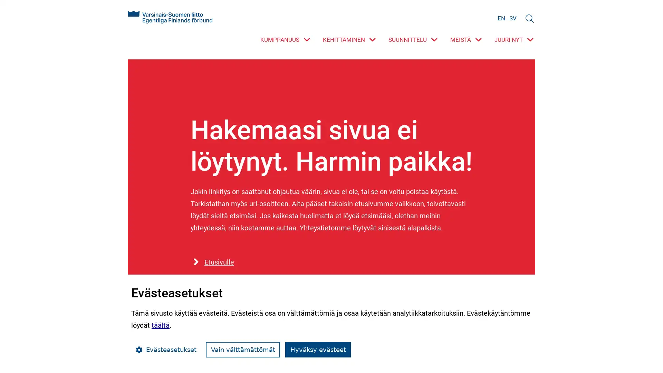 The width and height of the screenshot is (663, 373). I want to click on Vain valttamattomat, so click(243, 350).